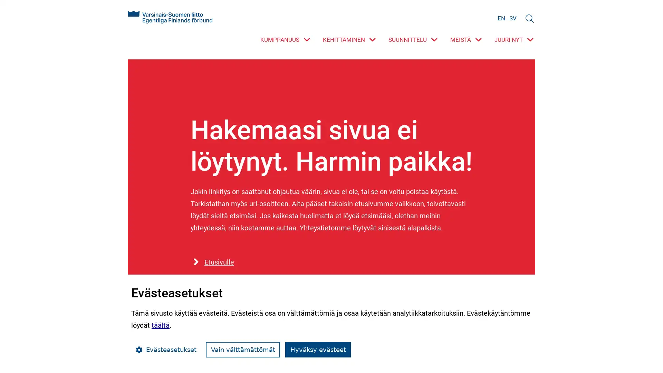 The width and height of the screenshot is (663, 373). I want to click on Vain valttamattomat, so click(243, 350).